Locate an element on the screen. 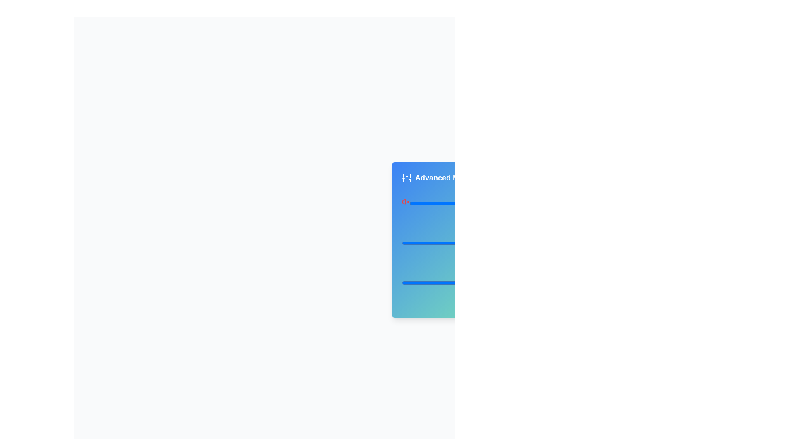  the balance value is located at coordinates (460, 243).